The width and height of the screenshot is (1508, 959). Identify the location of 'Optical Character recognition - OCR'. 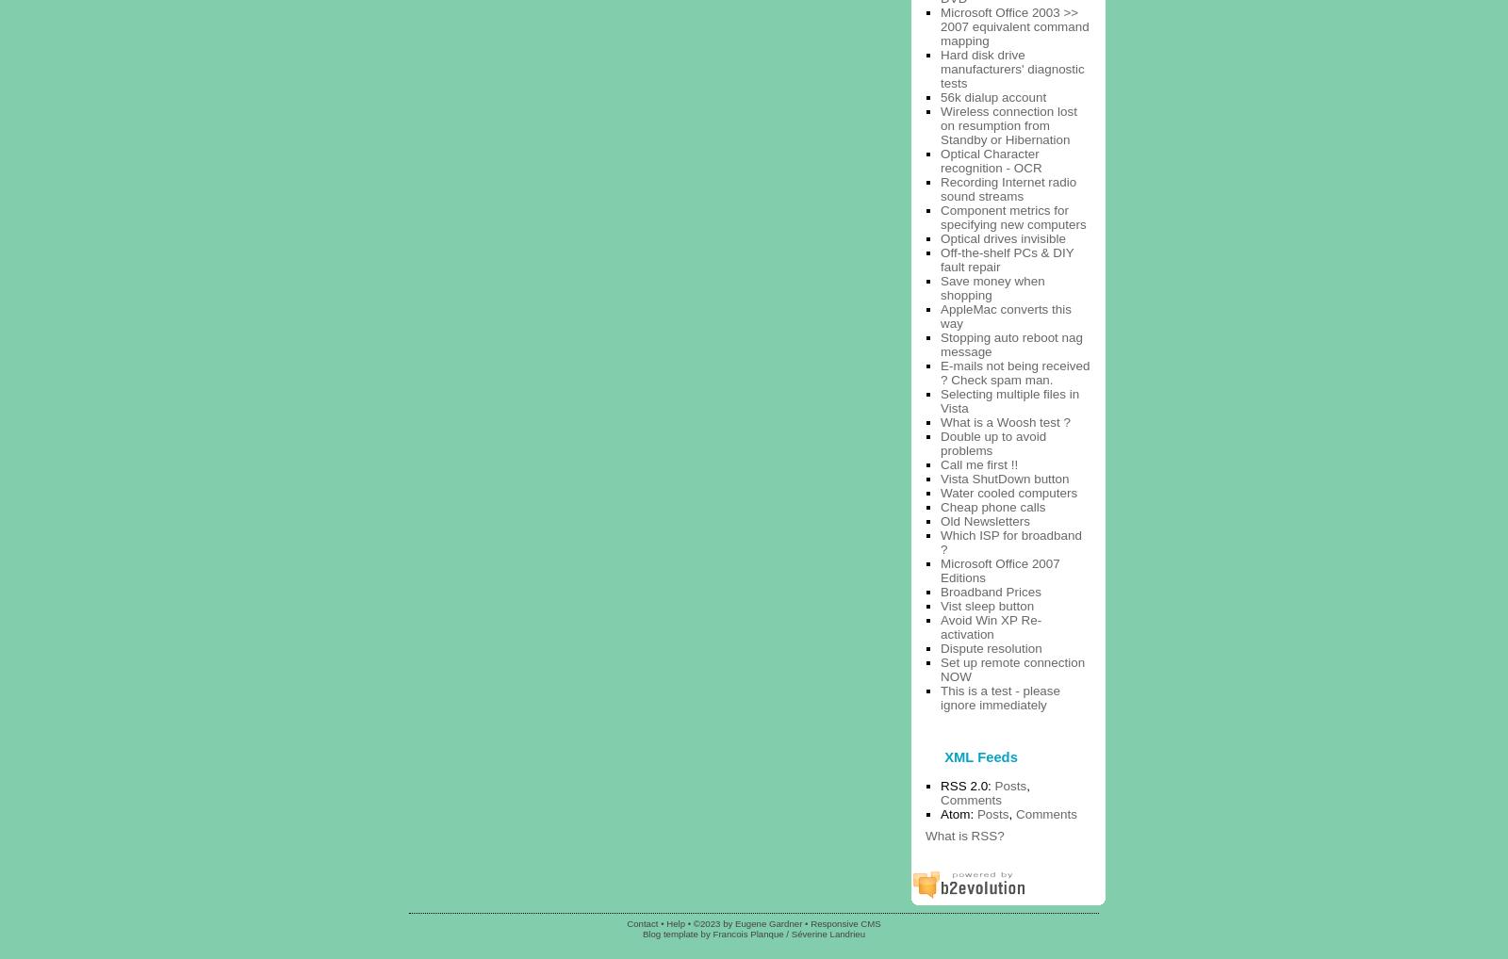
(991, 160).